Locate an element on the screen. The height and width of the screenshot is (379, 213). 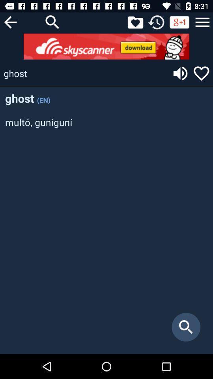
volume is located at coordinates (180, 73).